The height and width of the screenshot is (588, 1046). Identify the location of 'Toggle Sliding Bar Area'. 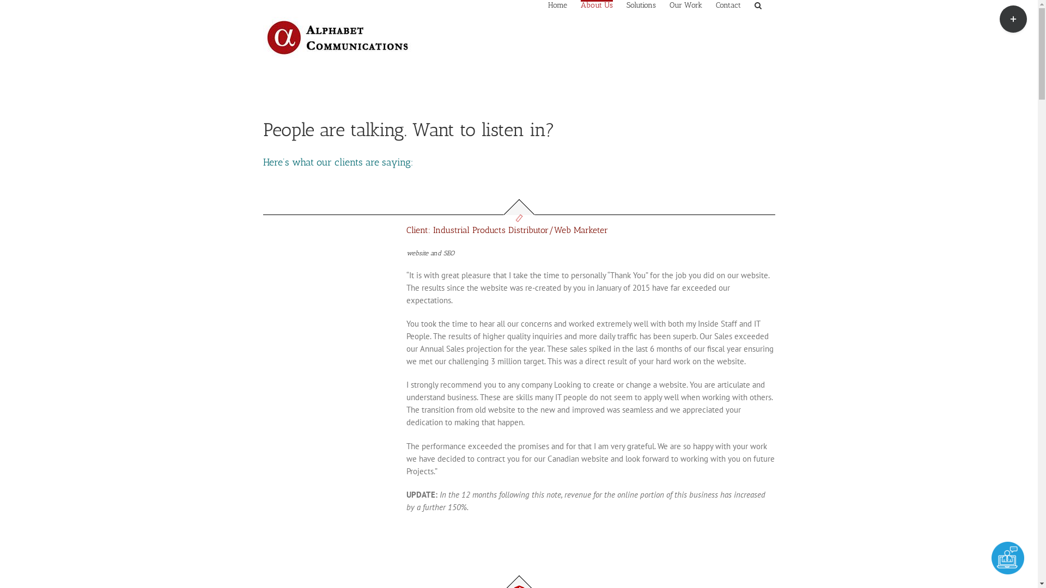
(1013, 19).